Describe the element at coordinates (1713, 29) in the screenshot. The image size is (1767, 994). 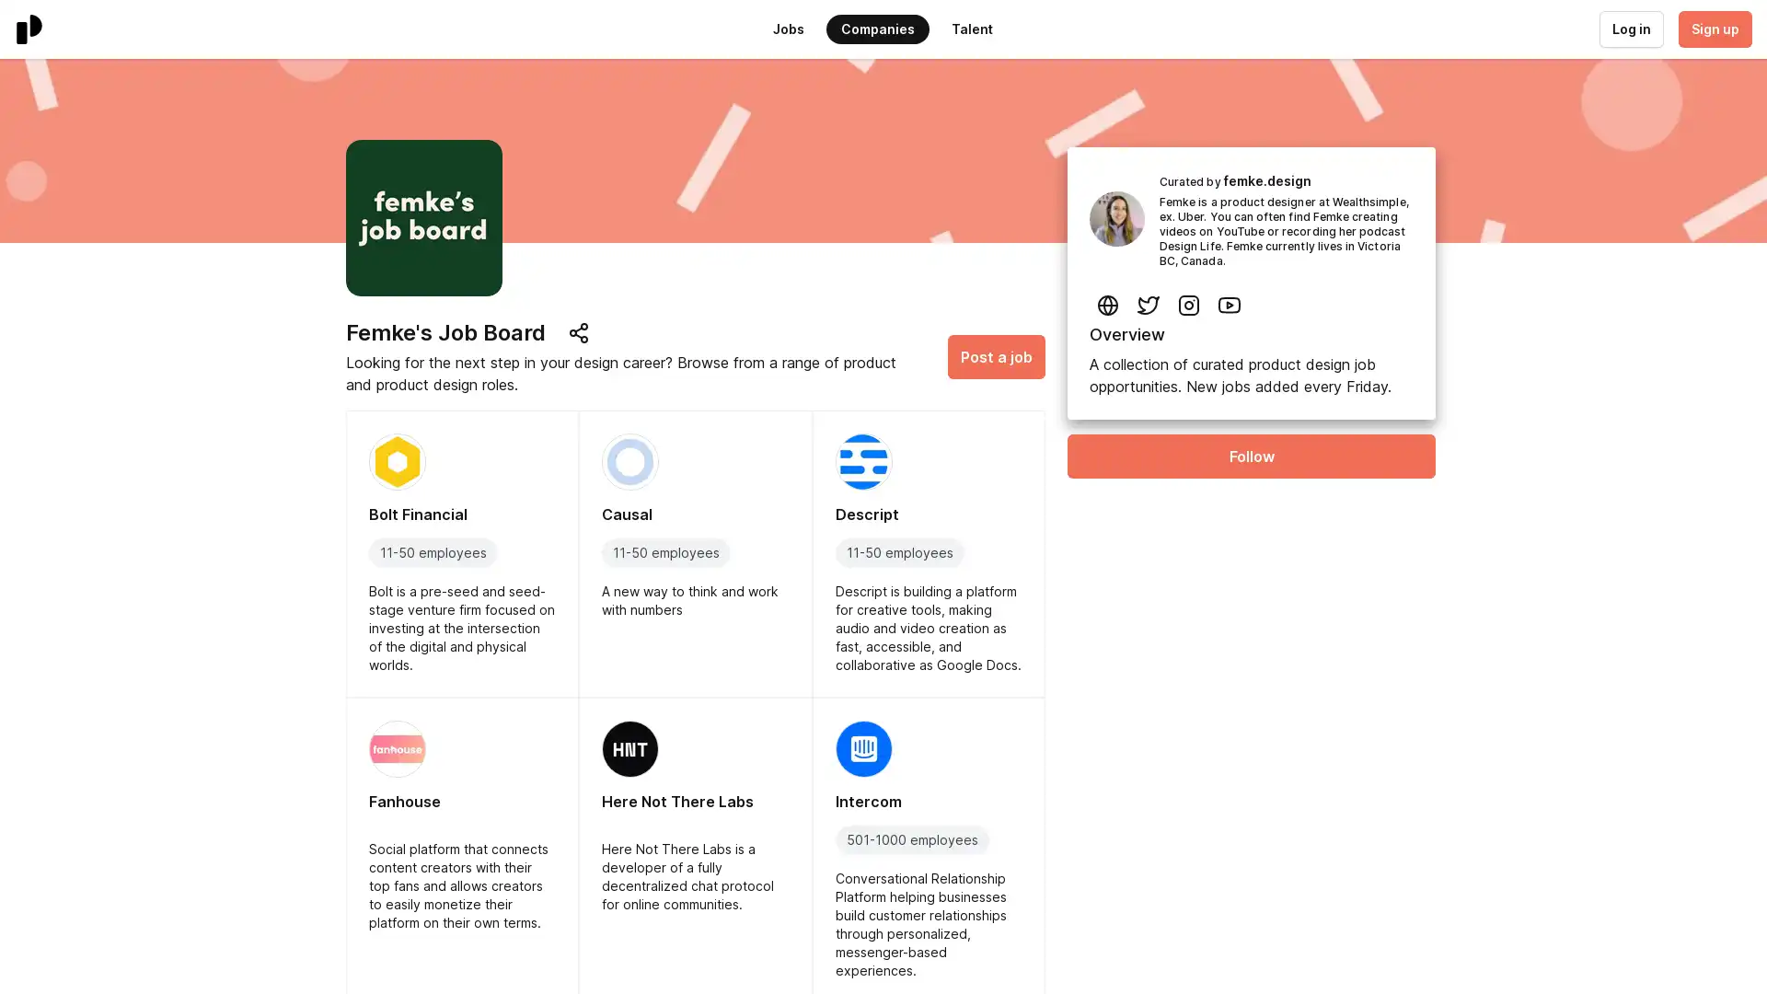
I see `Sign up` at that location.